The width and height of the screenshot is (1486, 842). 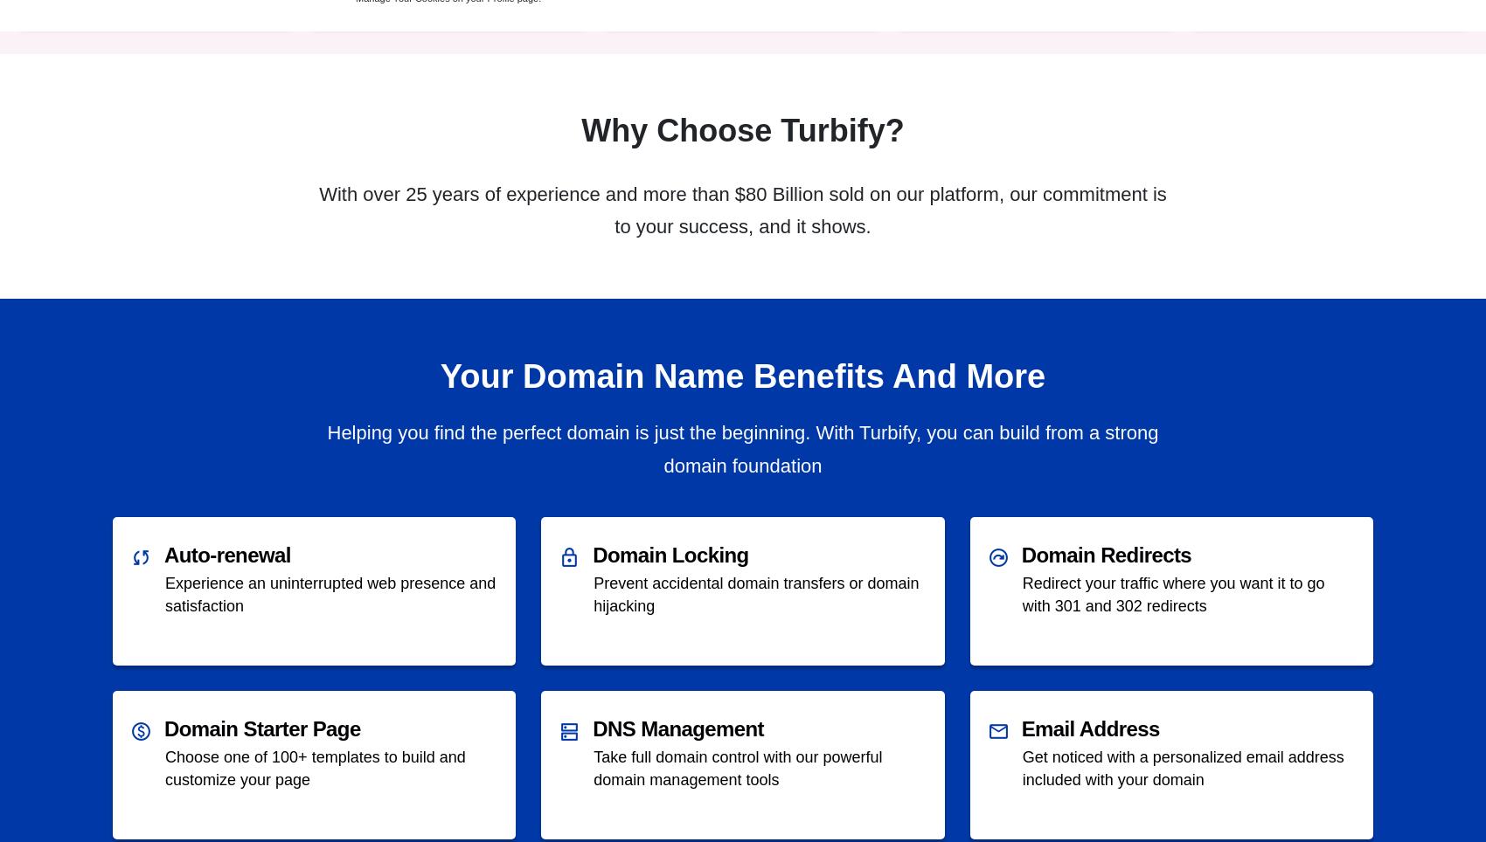 I want to click on 'mail', so click(x=997, y=729).